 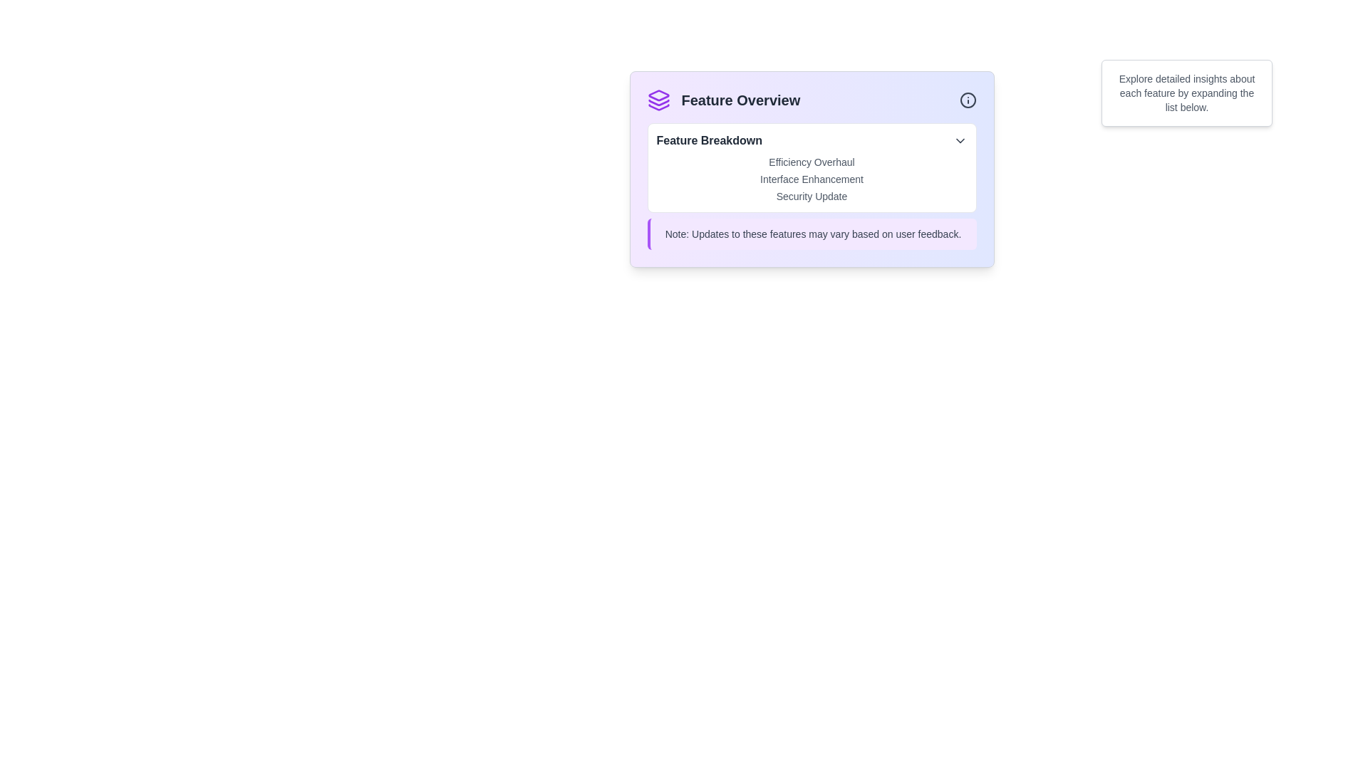 I want to click on text of the bold heading labeled 'Feature Overview' located on a light purple background, adjacent to a purple icon resembling stacked layers, so click(x=740, y=100).